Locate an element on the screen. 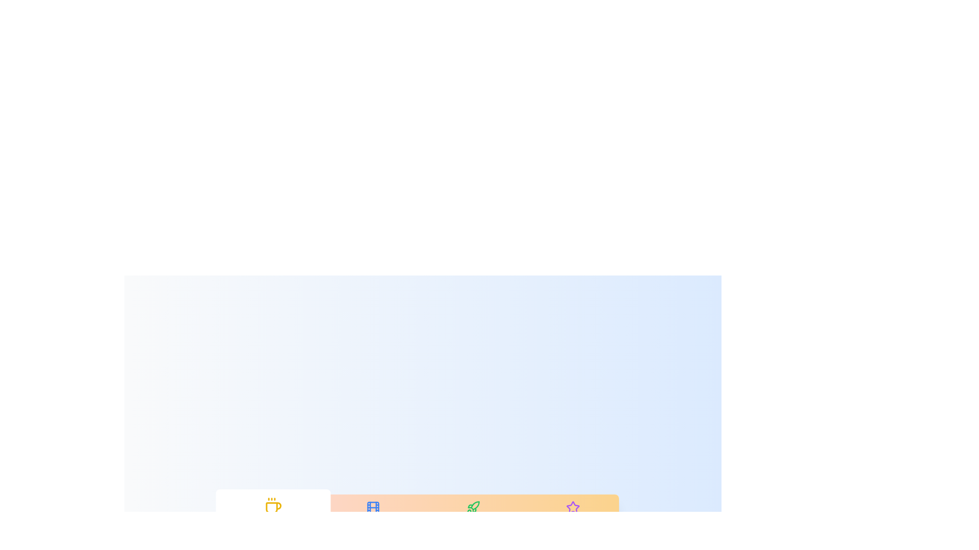  the tab labeled Favorites to select it is located at coordinates (573, 514).